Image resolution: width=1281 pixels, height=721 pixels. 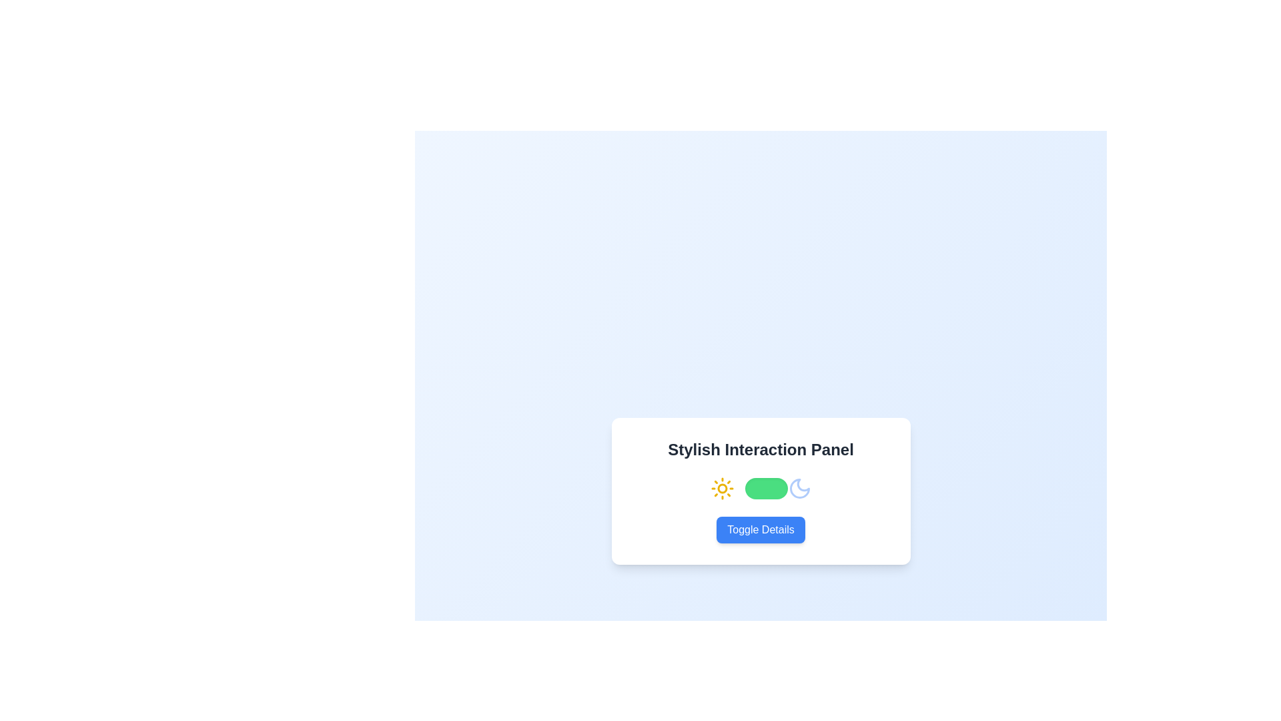 I want to click on the toggle switch located in the center of the white card box labeled 'Stylish Interaction Panel', so click(x=761, y=489).